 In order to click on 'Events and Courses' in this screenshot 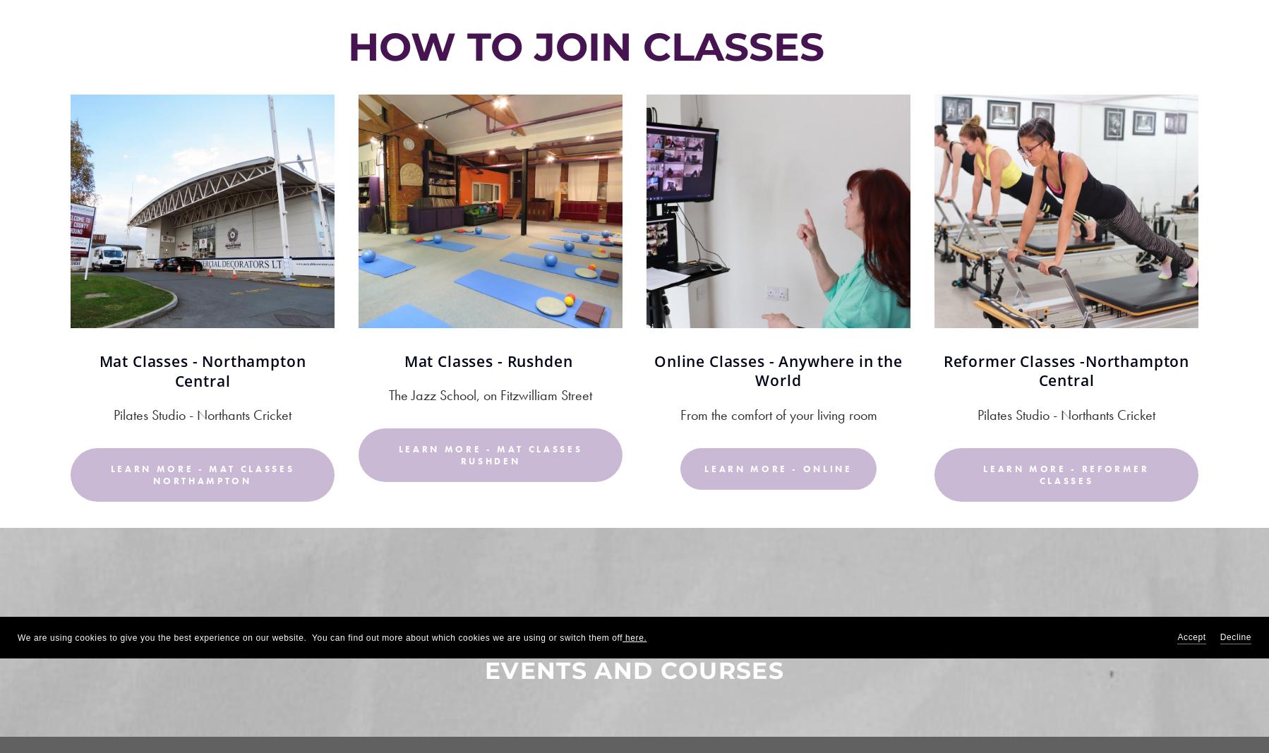, I will do `click(634, 669)`.